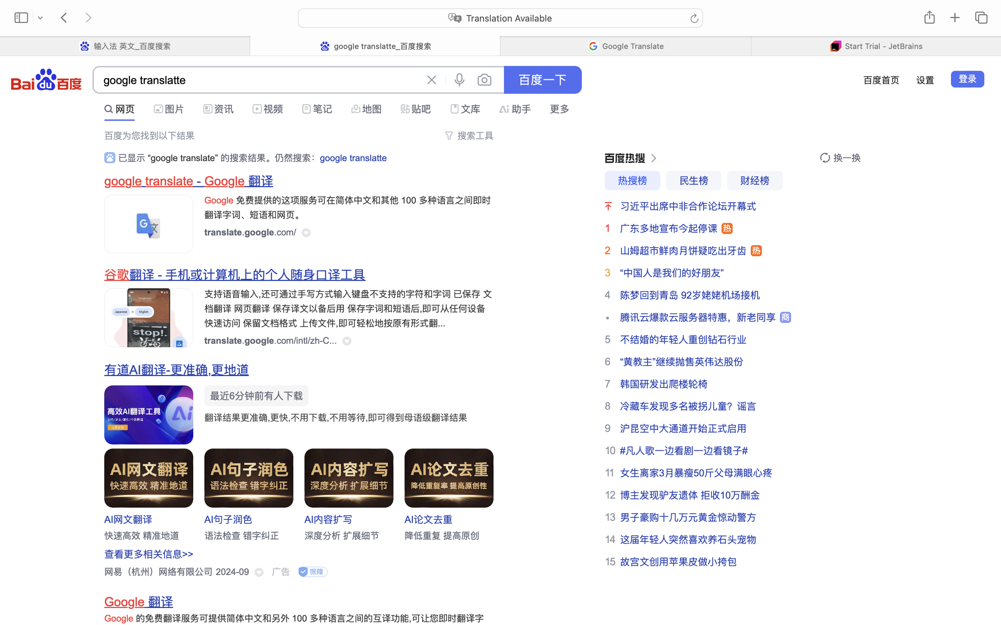 The image size is (1001, 625). I want to click on '查看更多相关信息>>', so click(149, 554).